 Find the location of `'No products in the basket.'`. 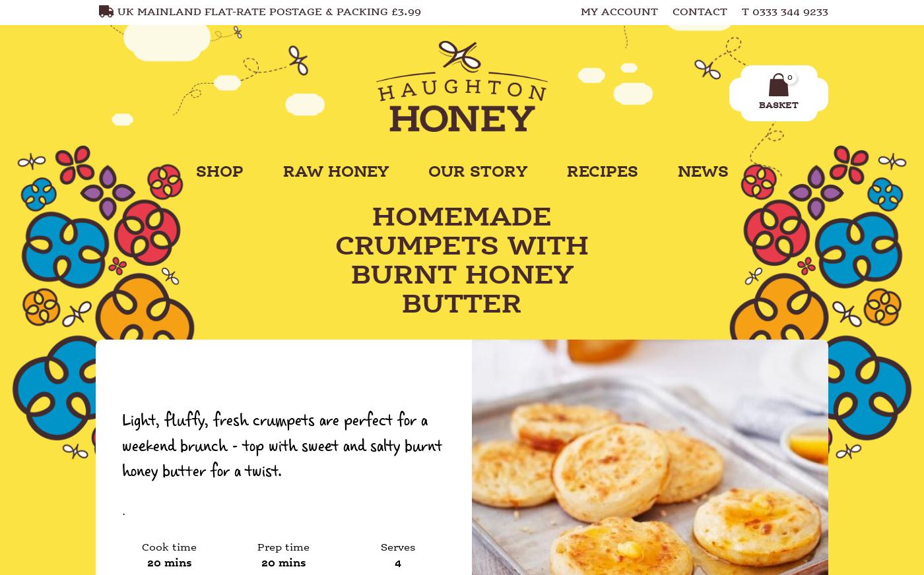

'No products in the basket.' is located at coordinates (721, 138).